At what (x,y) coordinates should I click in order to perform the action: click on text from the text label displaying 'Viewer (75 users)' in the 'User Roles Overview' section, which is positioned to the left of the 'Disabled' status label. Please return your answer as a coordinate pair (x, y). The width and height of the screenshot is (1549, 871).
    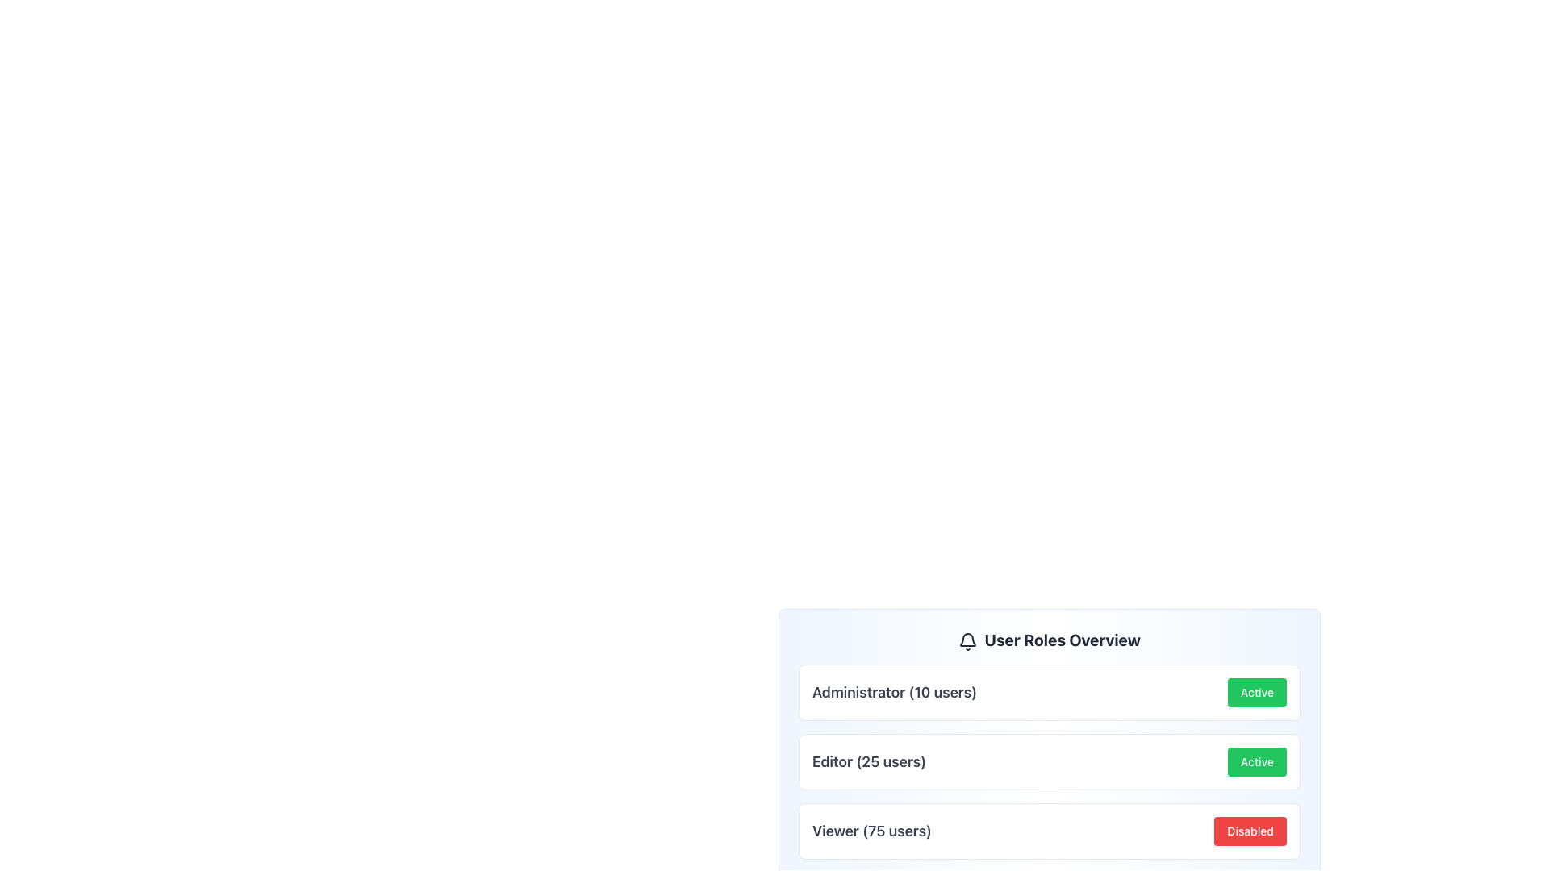
    Looking at the image, I should click on (871, 831).